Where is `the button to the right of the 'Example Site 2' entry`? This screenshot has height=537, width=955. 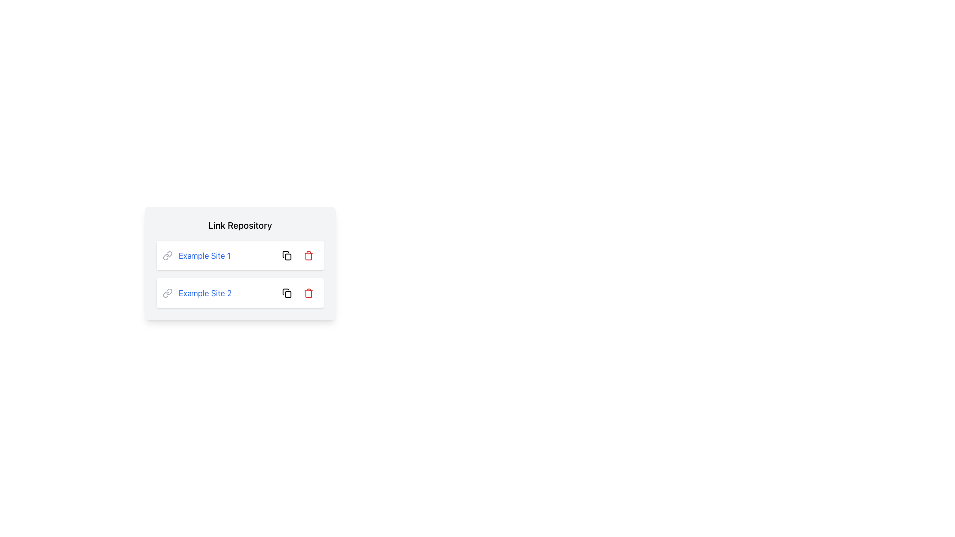 the button to the right of the 'Example Site 2' entry is located at coordinates (286, 293).